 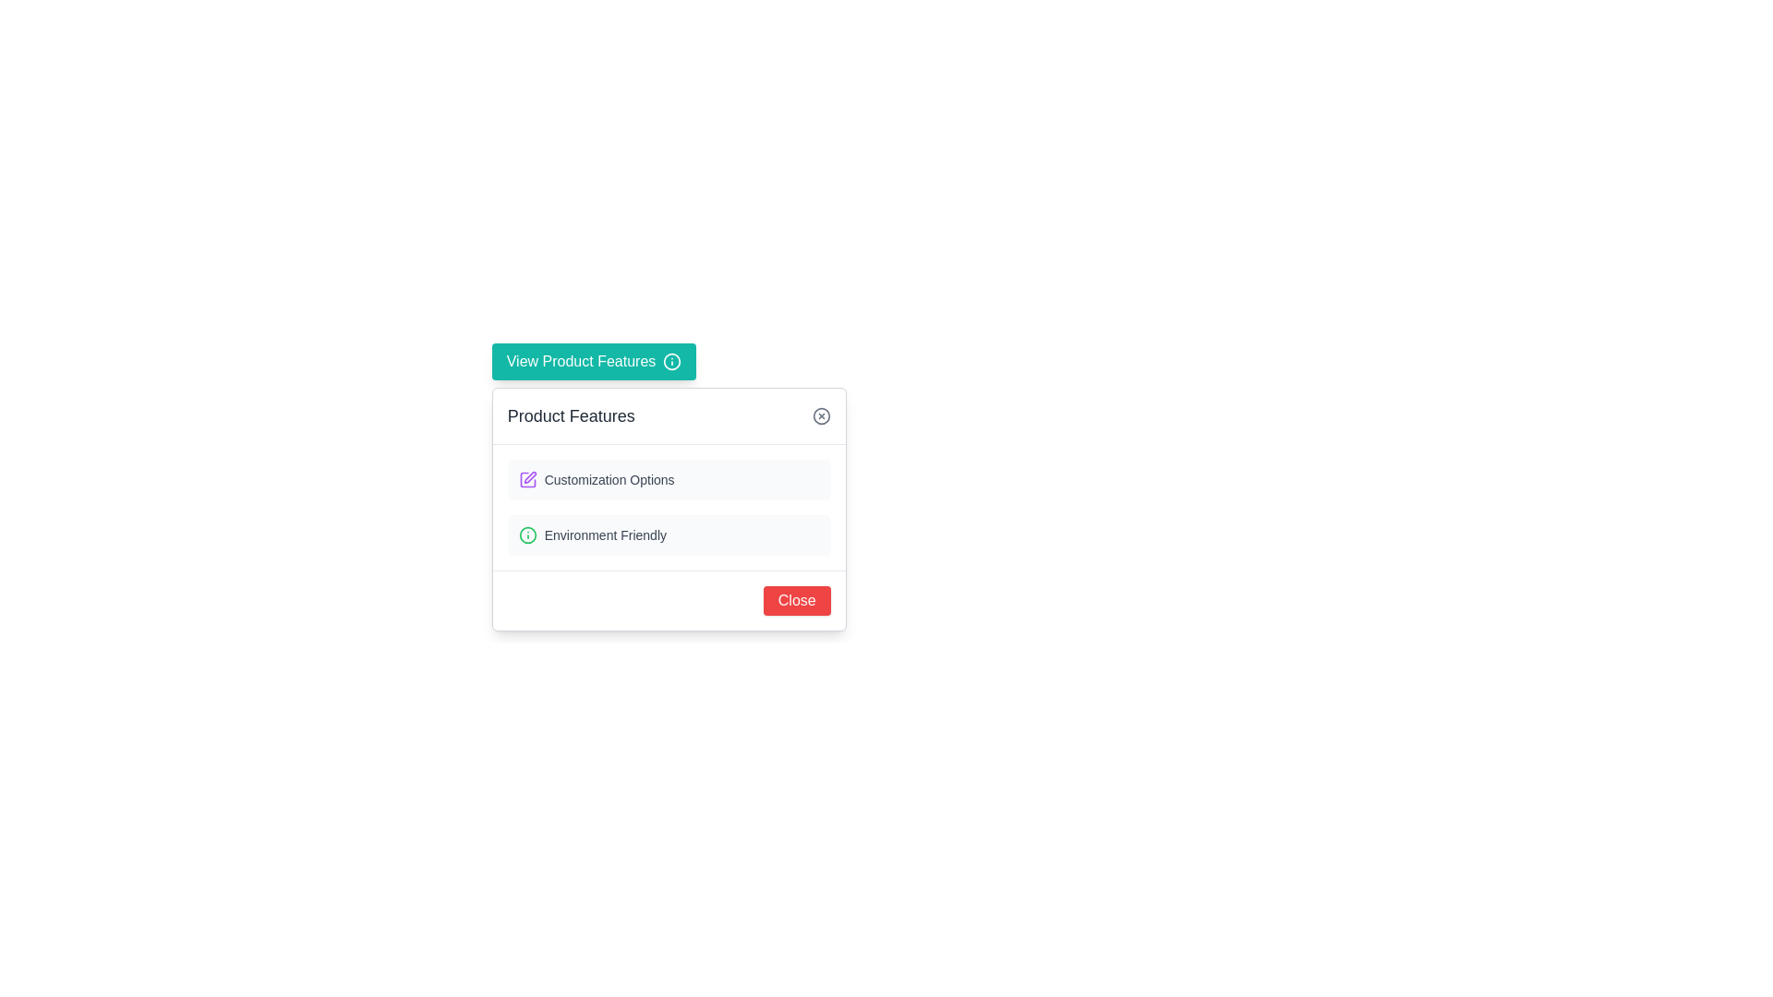 What do you see at coordinates (671, 362) in the screenshot?
I see `the circular graphical icon element with a teal stroke, which is part of the 'info' symbol located to the right of the 'View Product Features' label in the 'Product Features' panel` at bounding box center [671, 362].